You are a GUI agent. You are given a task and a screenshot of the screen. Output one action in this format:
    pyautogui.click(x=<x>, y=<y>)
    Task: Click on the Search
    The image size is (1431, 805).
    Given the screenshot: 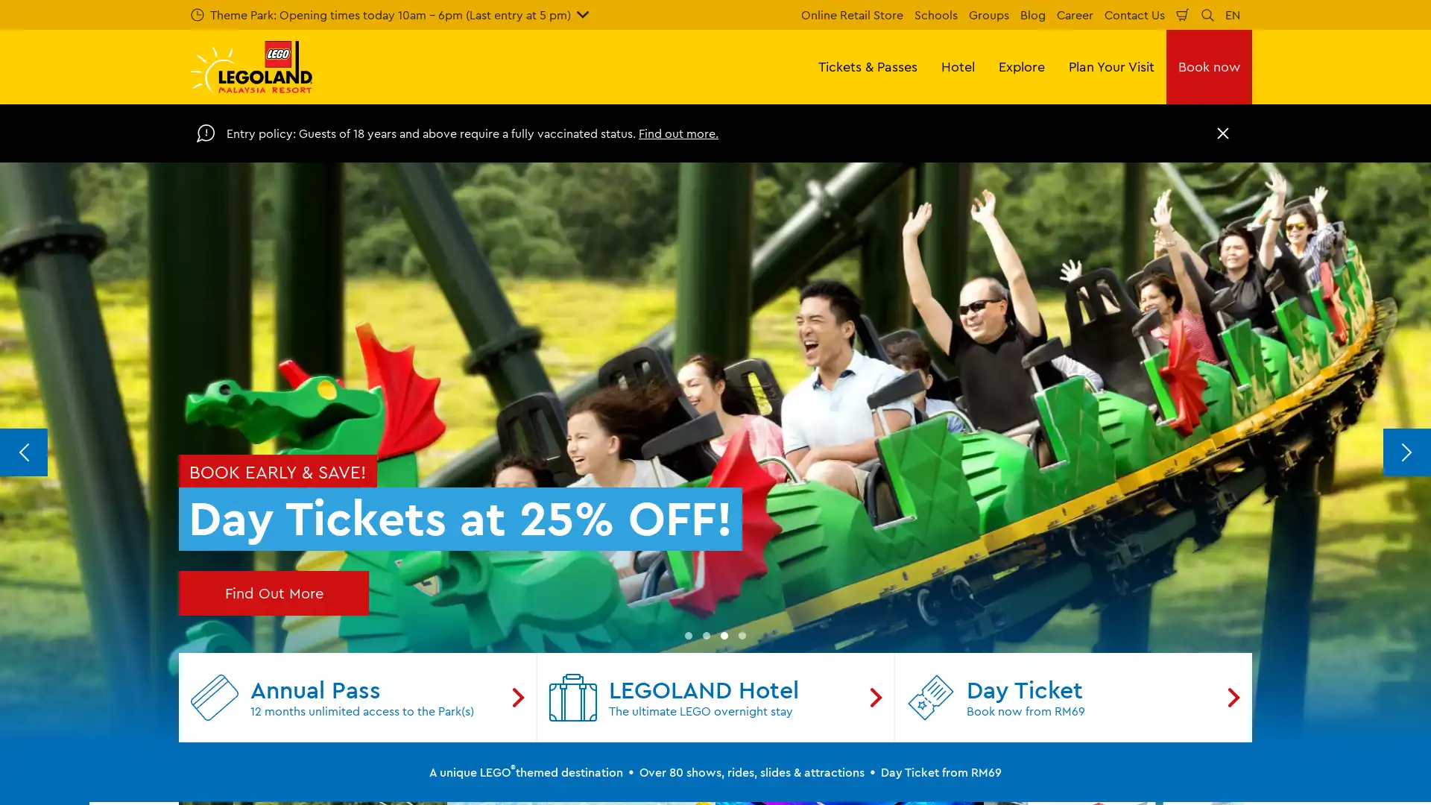 What is the action you would take?
    pyautogui.click(x=1207, y=14)
    